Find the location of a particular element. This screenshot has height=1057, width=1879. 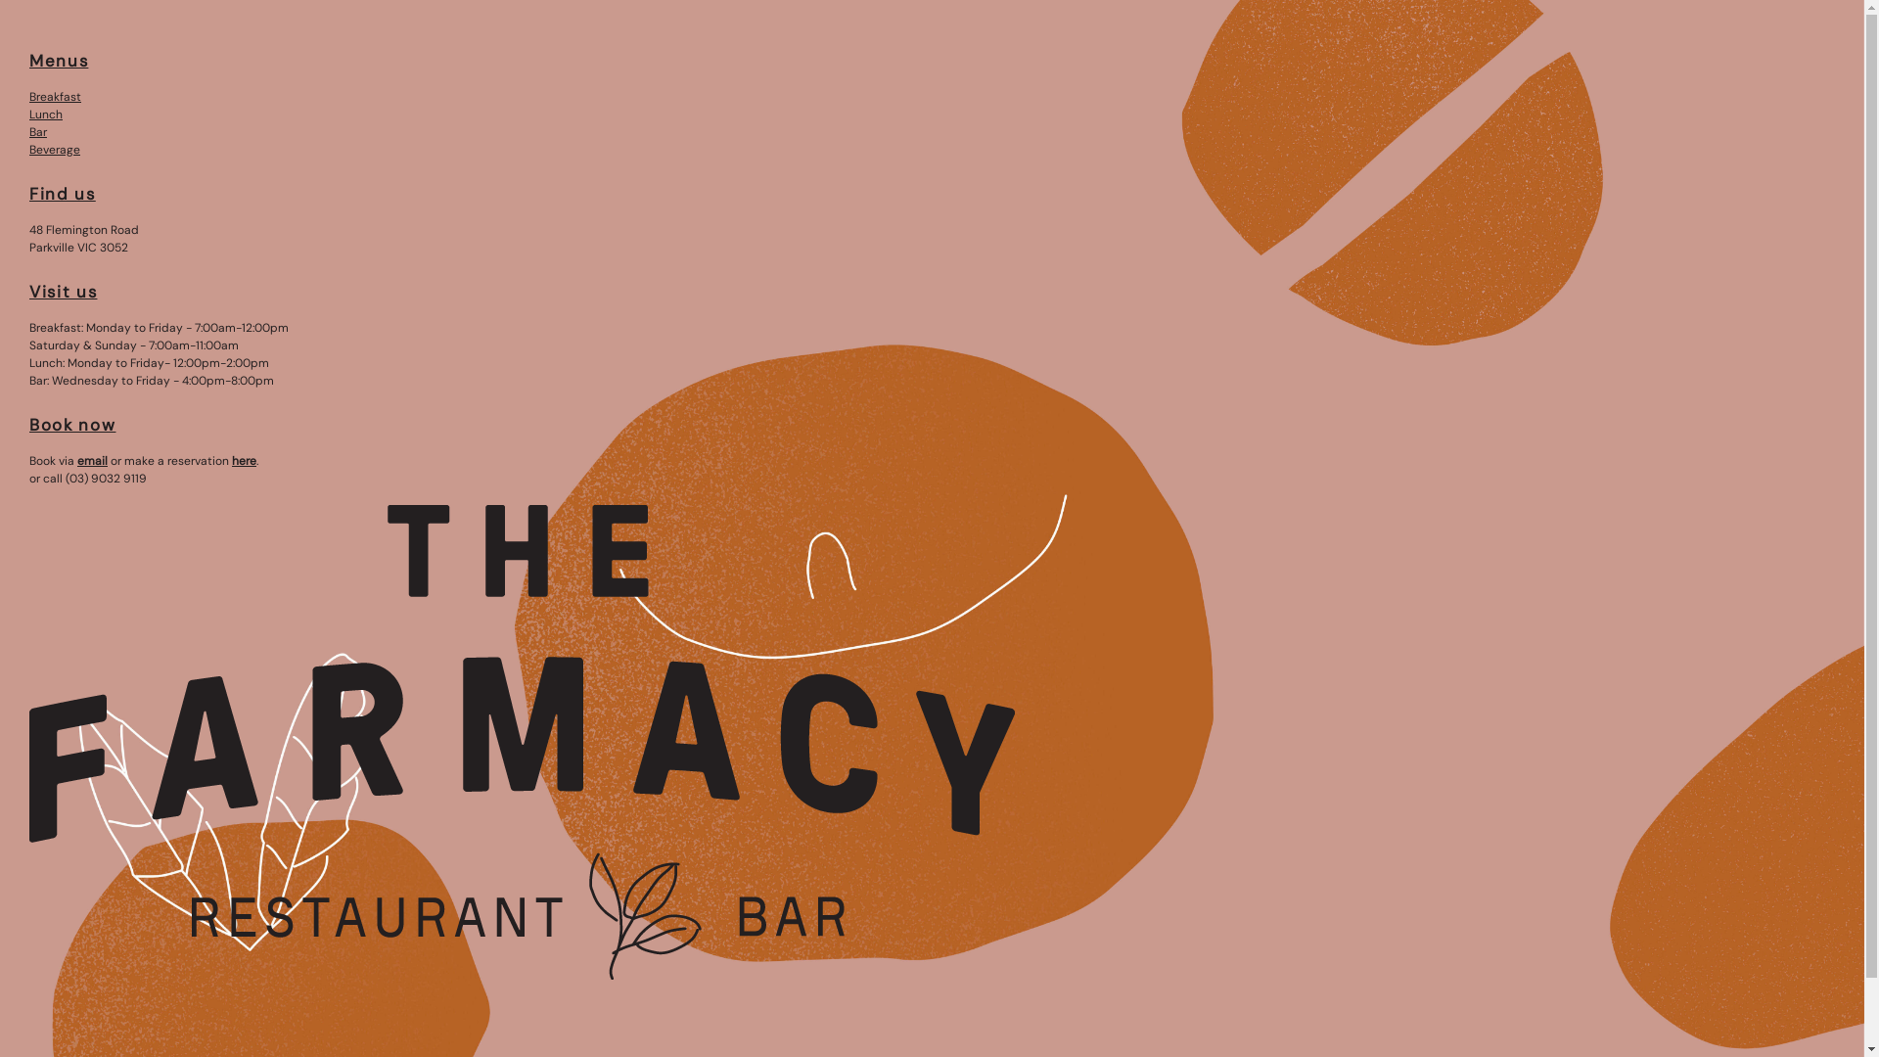

'email' is located at coordinates (91, 460).